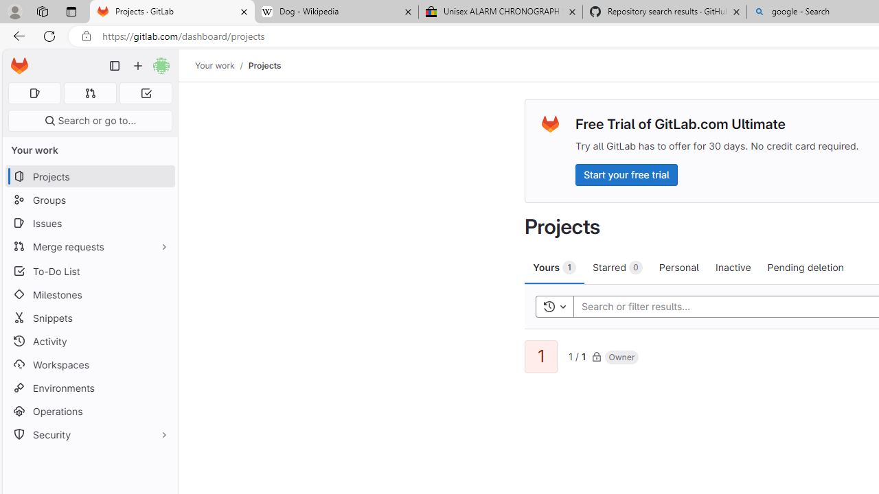 This screenshot has width=879, height=494. What do you see at coordinates (540, 355) in the screenshot?
I see `'1'` at bounding box center [540, 355].